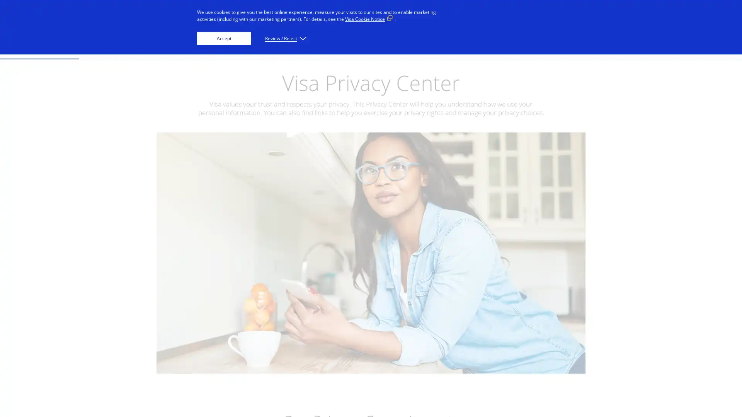 The height and width of the screenshot is (417, 742). I want to click on Individuals, so click(308, 20).